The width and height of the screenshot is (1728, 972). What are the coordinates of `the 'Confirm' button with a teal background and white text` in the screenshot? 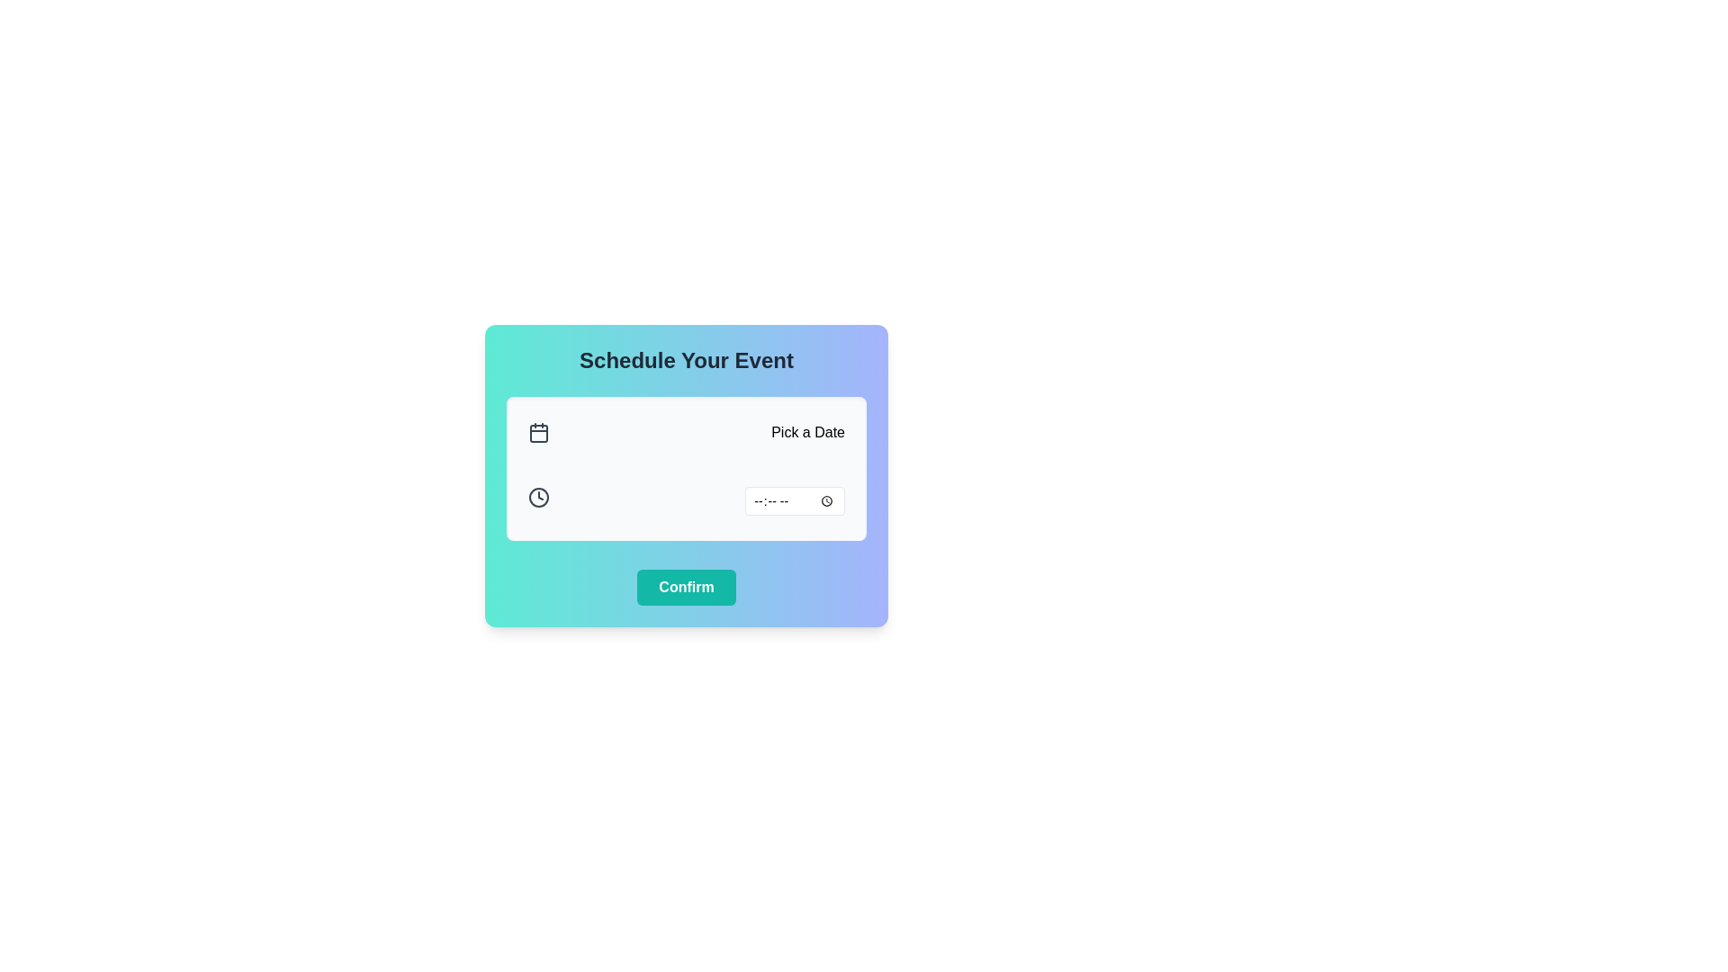 It's located at (686, 587).